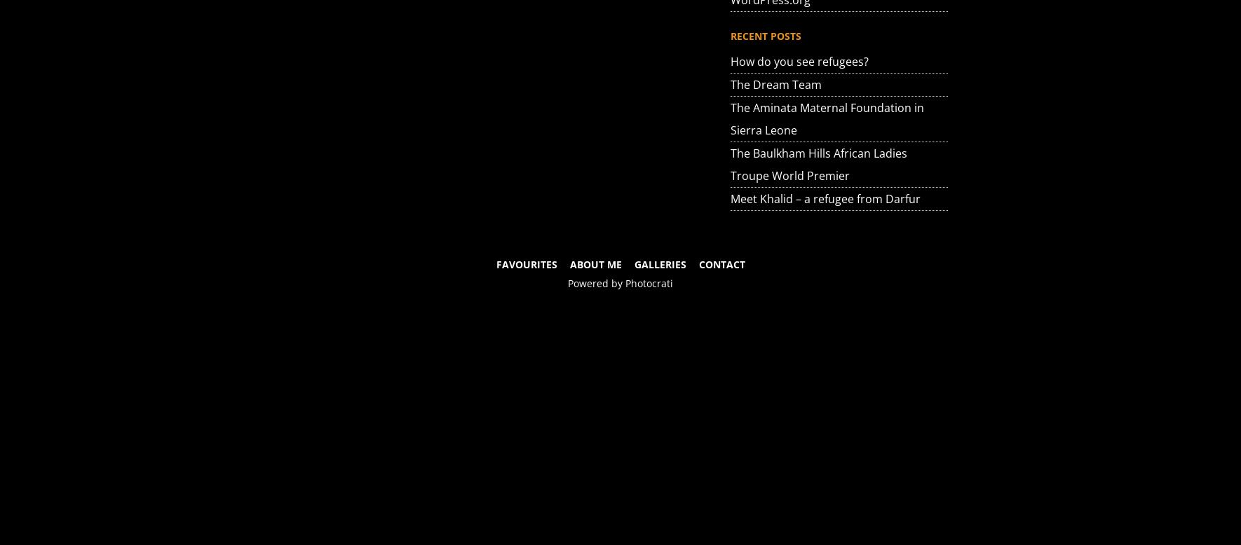 The width and height of the screenshot is (1241, 545). What do you see at coordinates (827, 118) in the screenshot?
I see `'The Aminata Maternal Foundation in Sierra Leone'` at bounding box center [827, 118].